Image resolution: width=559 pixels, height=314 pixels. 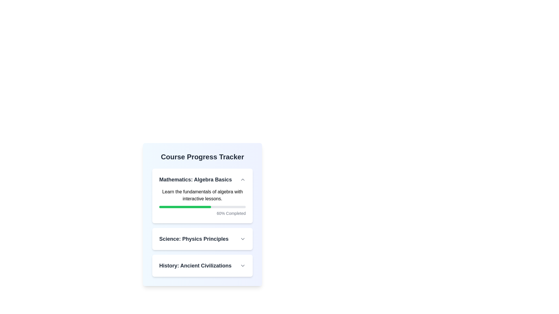 I want to click on the text label displaying 'History: Ancient Civilizations' in the Course Progress Tracker interface, which is styled in bold dark gray and indicates a section title, so click(x=195, y=266).